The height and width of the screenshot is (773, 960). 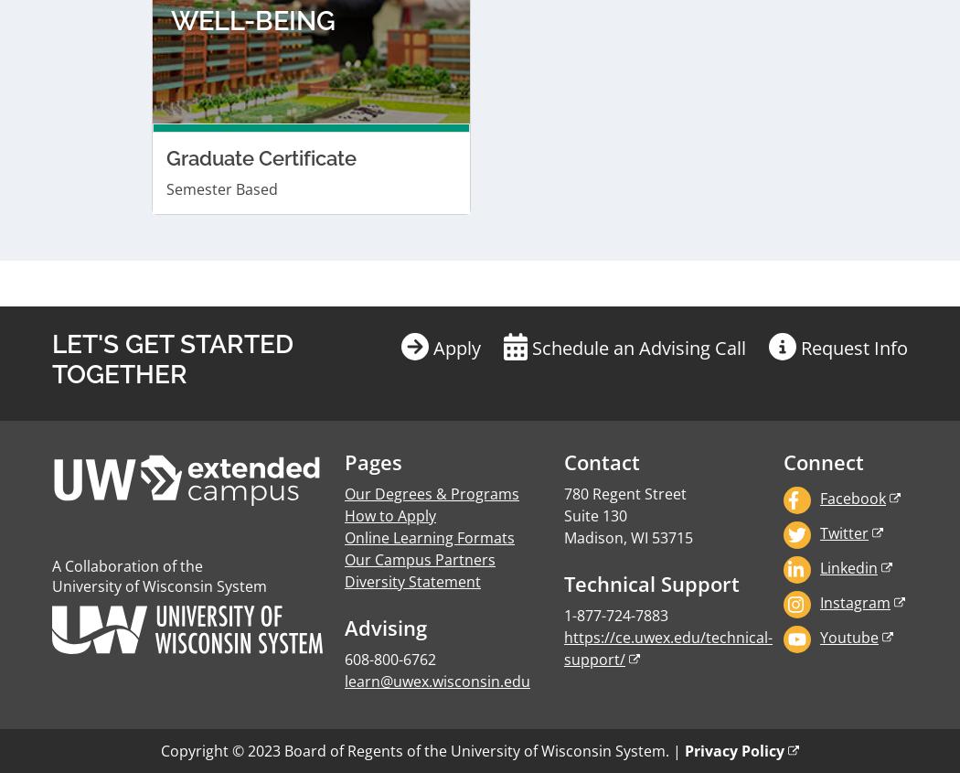 What do you see at coordinates (384, 166) in the screenshot?
I see `'Advising'` at bounding box center [384, 166].